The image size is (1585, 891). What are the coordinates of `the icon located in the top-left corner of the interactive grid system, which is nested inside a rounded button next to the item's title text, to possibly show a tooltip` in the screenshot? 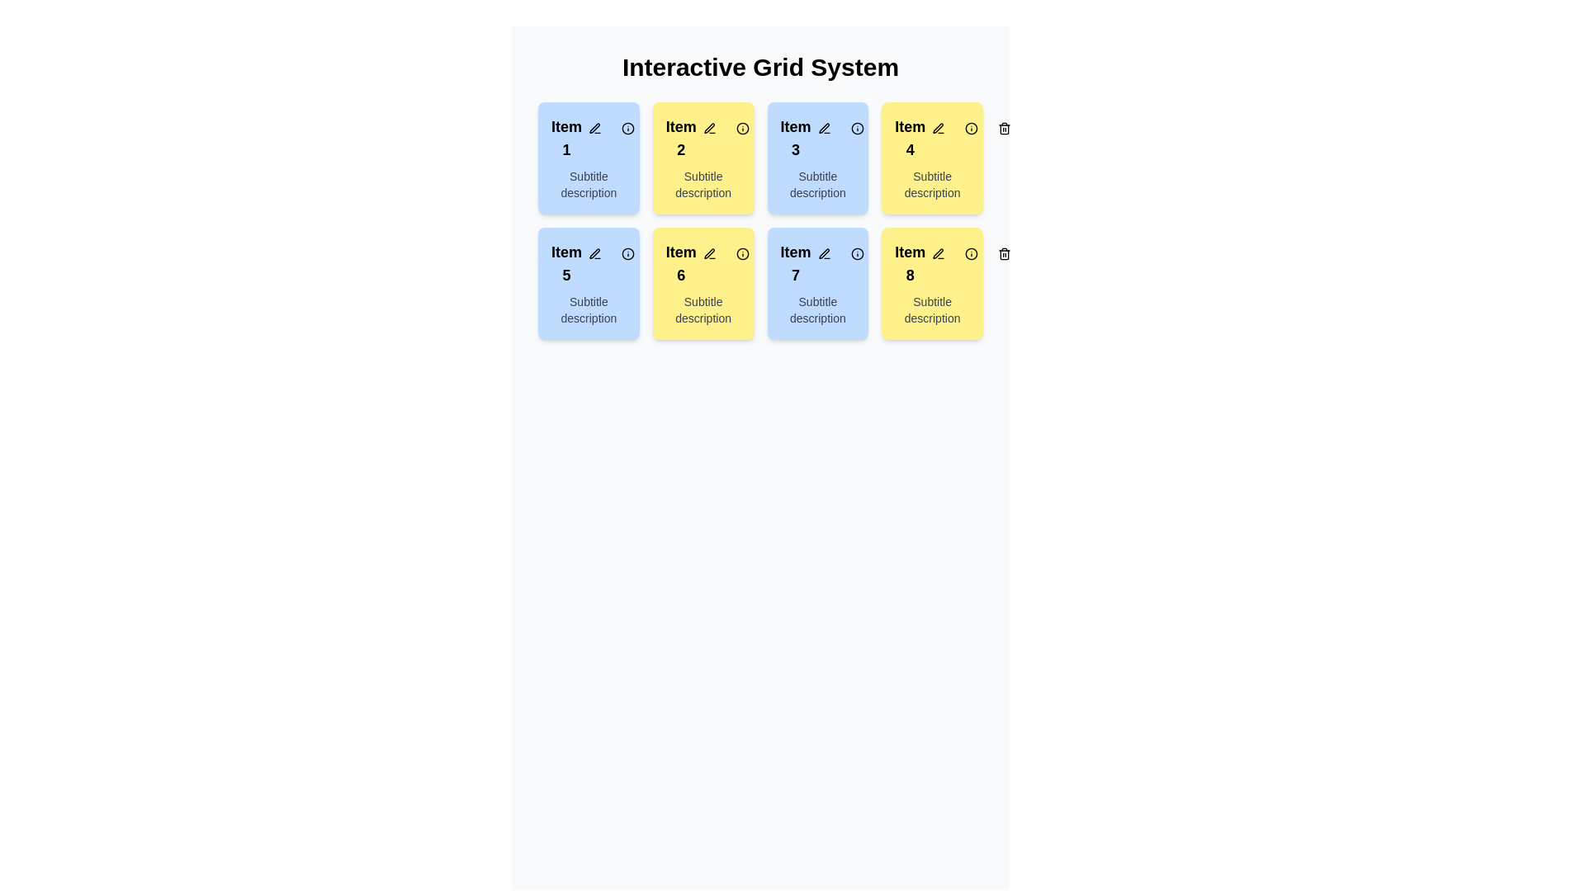 It's located at (627, 127).